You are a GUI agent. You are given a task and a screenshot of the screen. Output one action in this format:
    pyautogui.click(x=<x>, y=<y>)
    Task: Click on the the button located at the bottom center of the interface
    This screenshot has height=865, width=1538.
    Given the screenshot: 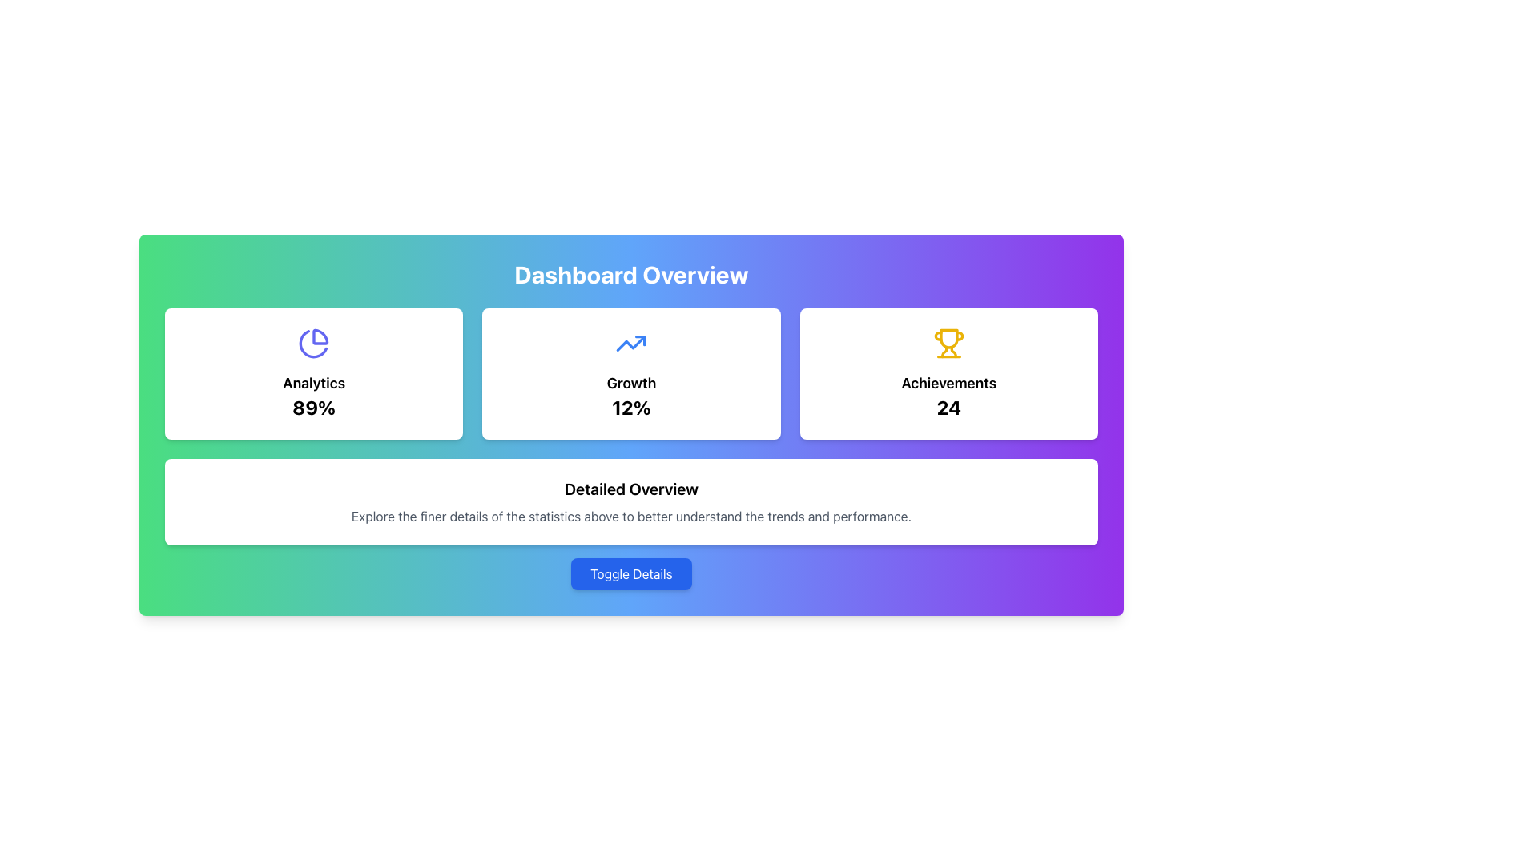 What is the action you would take?
    pyautogui.click(x=630, y=573)
    